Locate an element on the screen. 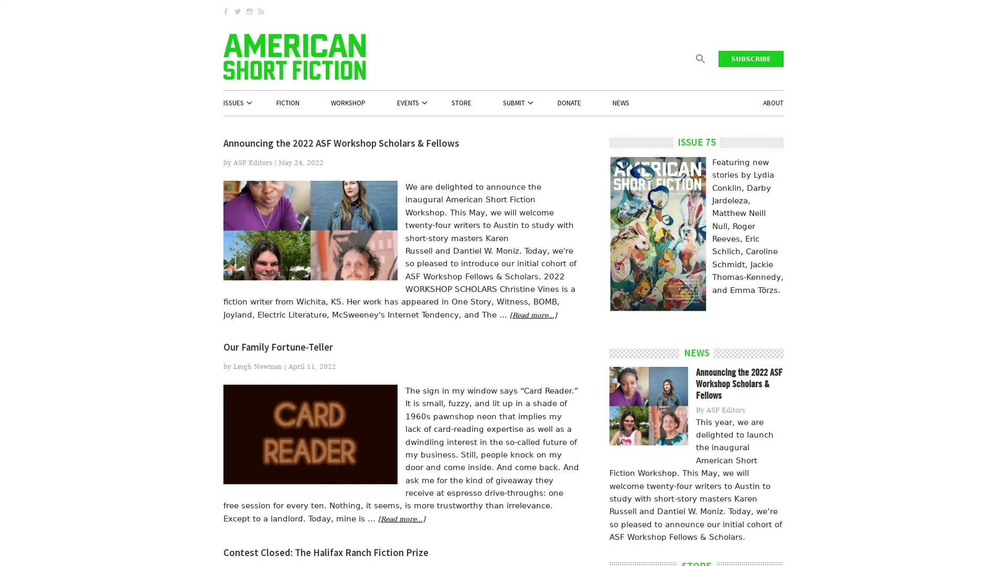  AVAILABLE NOW! is located at coordinates (656, 264).